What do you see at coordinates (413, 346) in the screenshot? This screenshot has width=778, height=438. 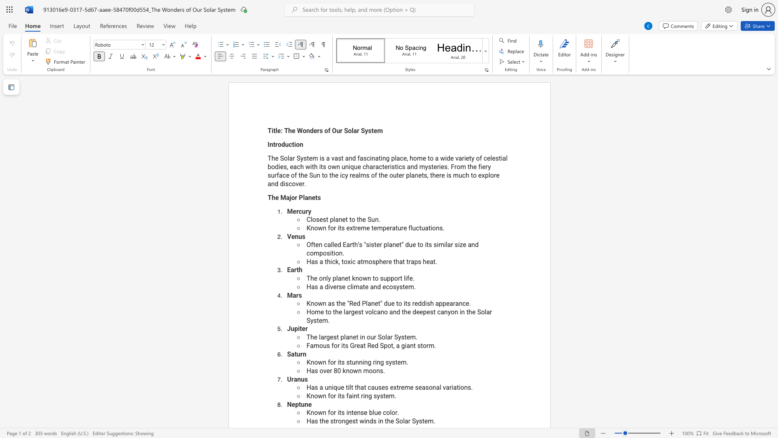 I see `the subset text "t st" within the text "Famous for its Great Red Spot, a giant storm."` at bounding box center [413, 346].